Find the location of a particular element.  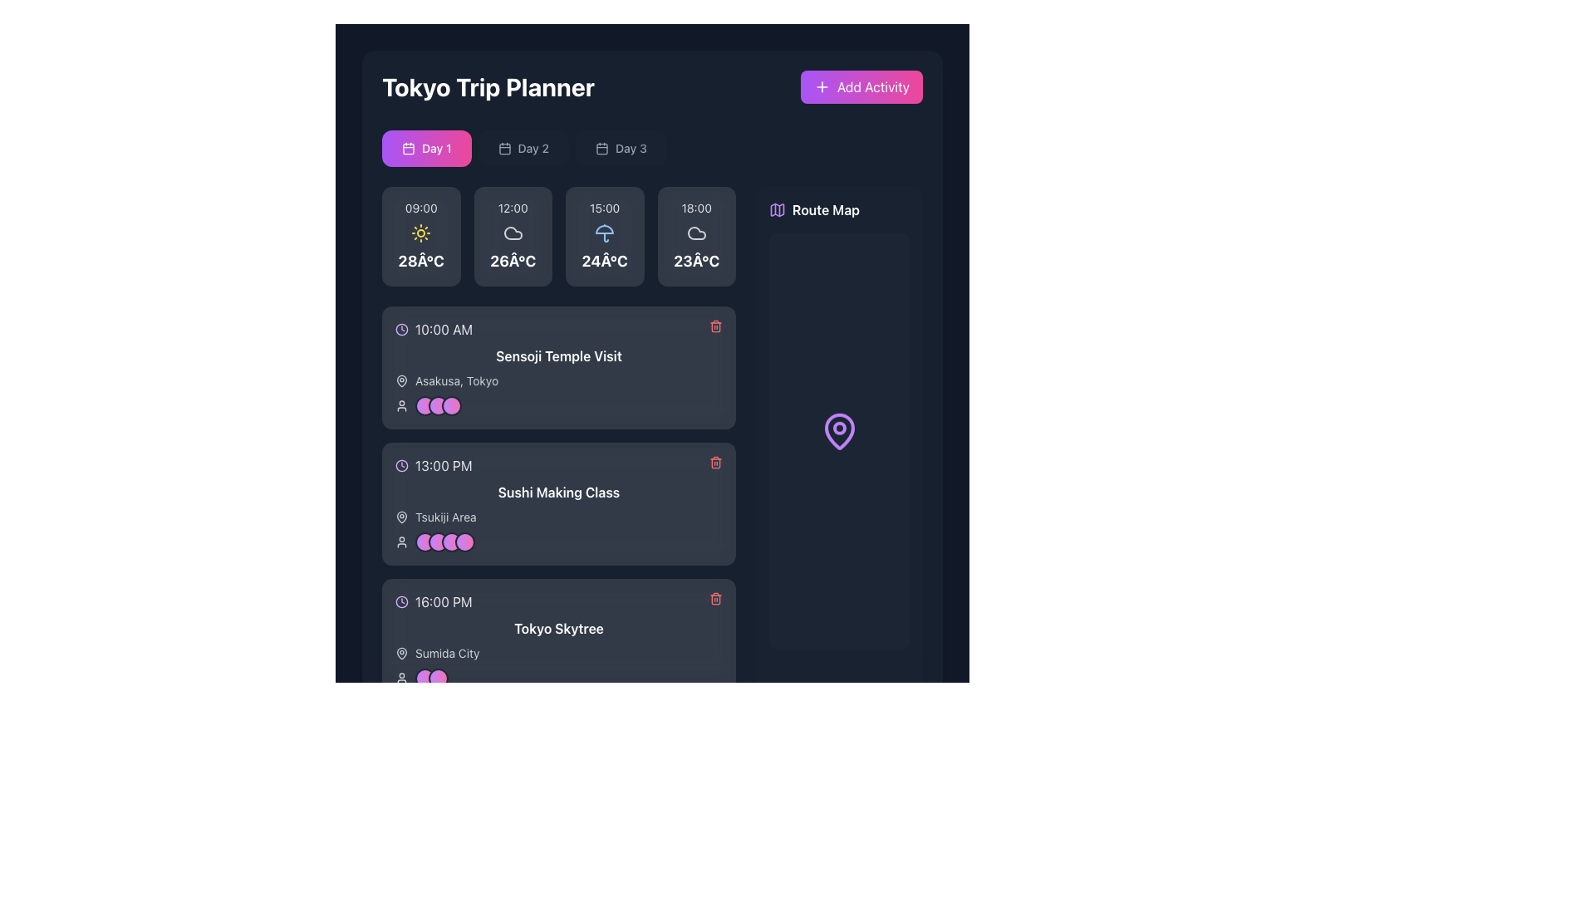

the circular pin-shaped icon with a purple outline in the lower-right section of the 'Route Map' panel is located at coordinates (839, 431).